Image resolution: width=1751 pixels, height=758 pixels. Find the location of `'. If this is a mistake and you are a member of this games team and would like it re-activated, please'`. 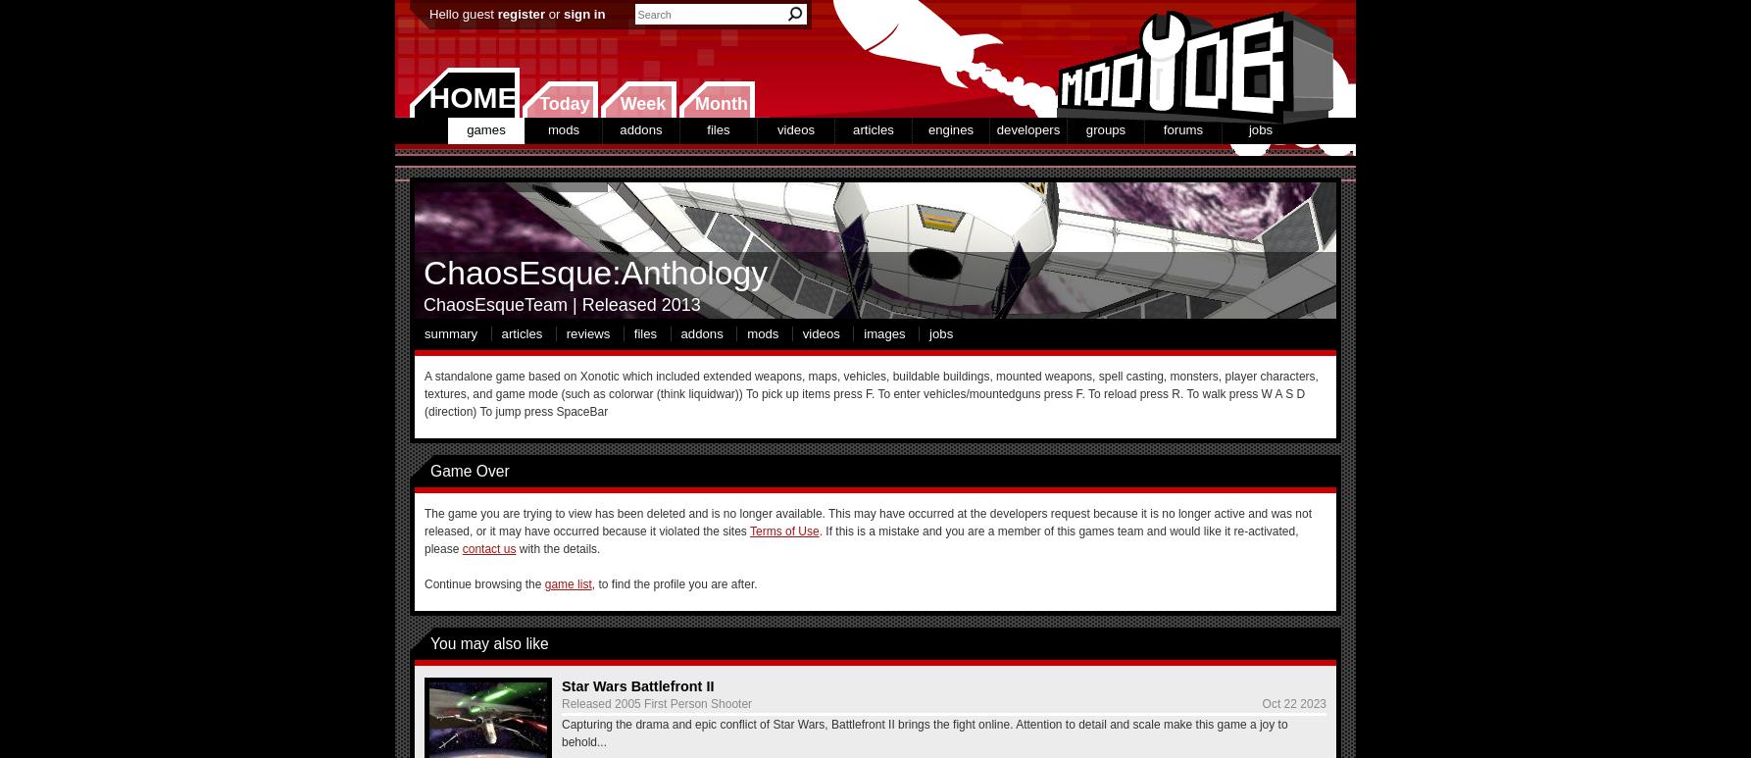

'. If this is a mistake and you are a member of this games team and would like it re-activated, please' is located at coordinates (860, 537).